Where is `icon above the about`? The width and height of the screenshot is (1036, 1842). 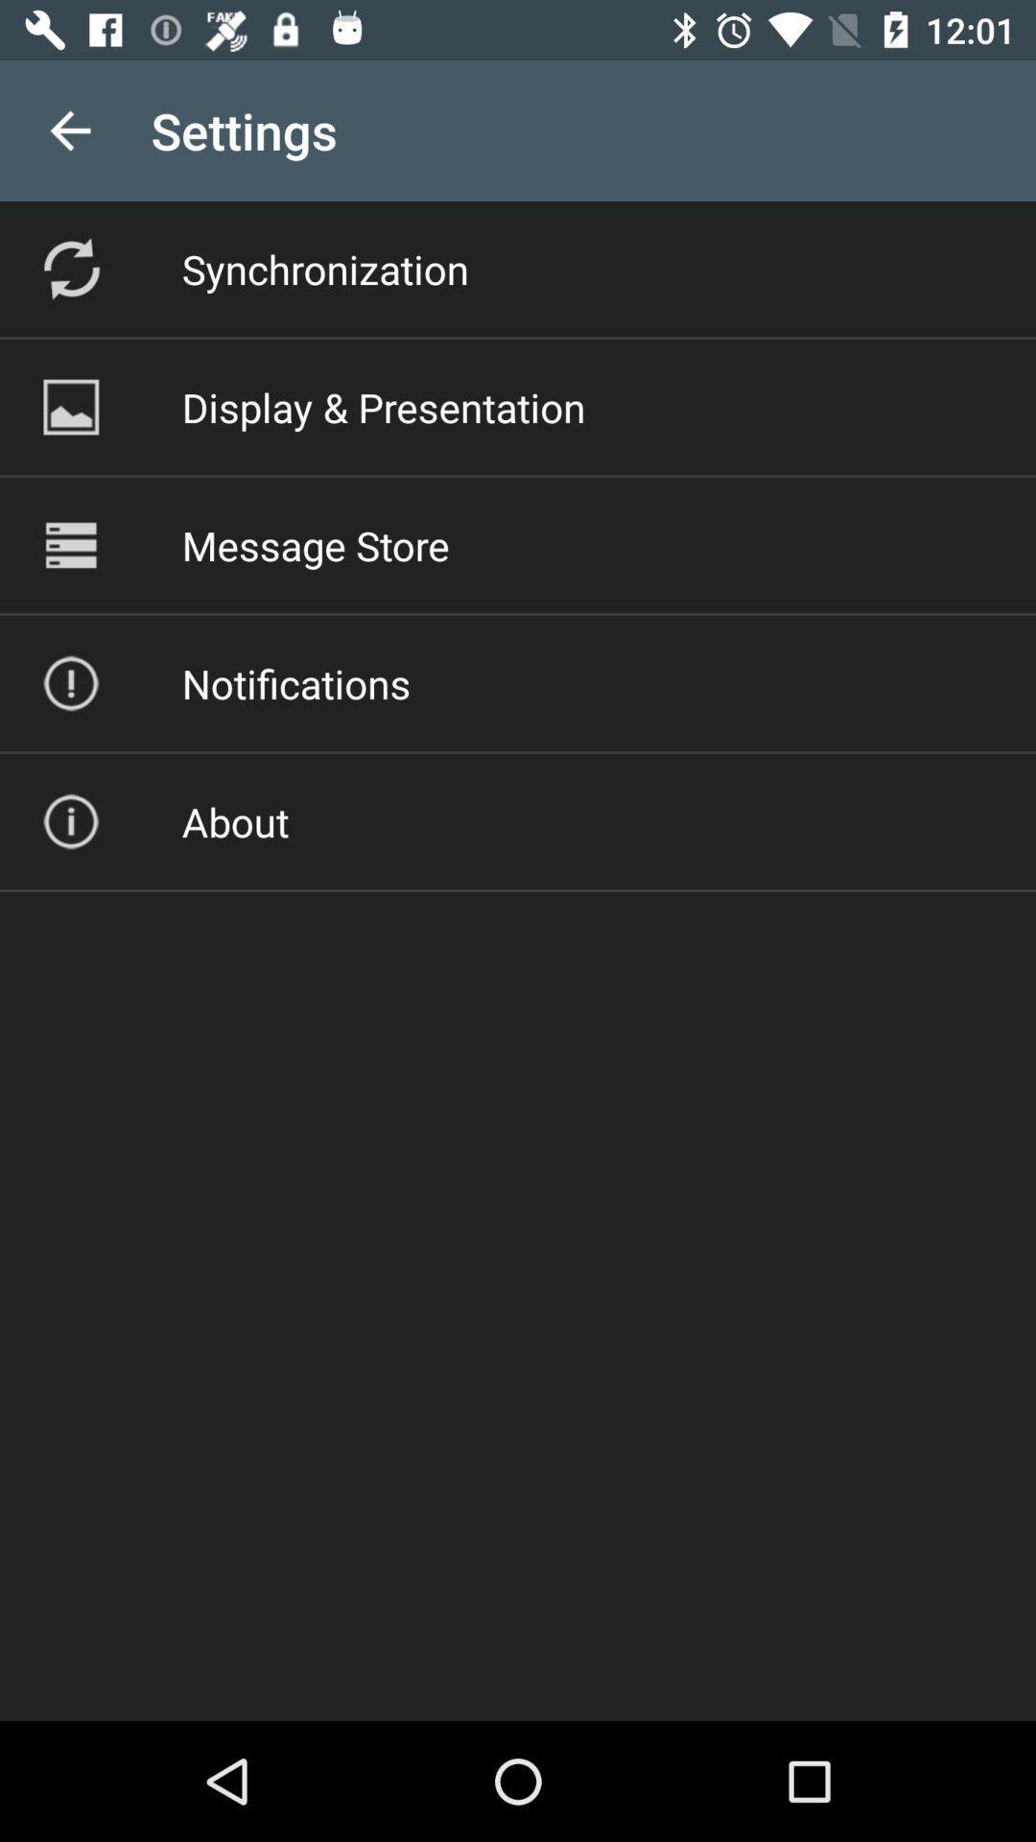 icon above the about is located at coordinates (295, 683).